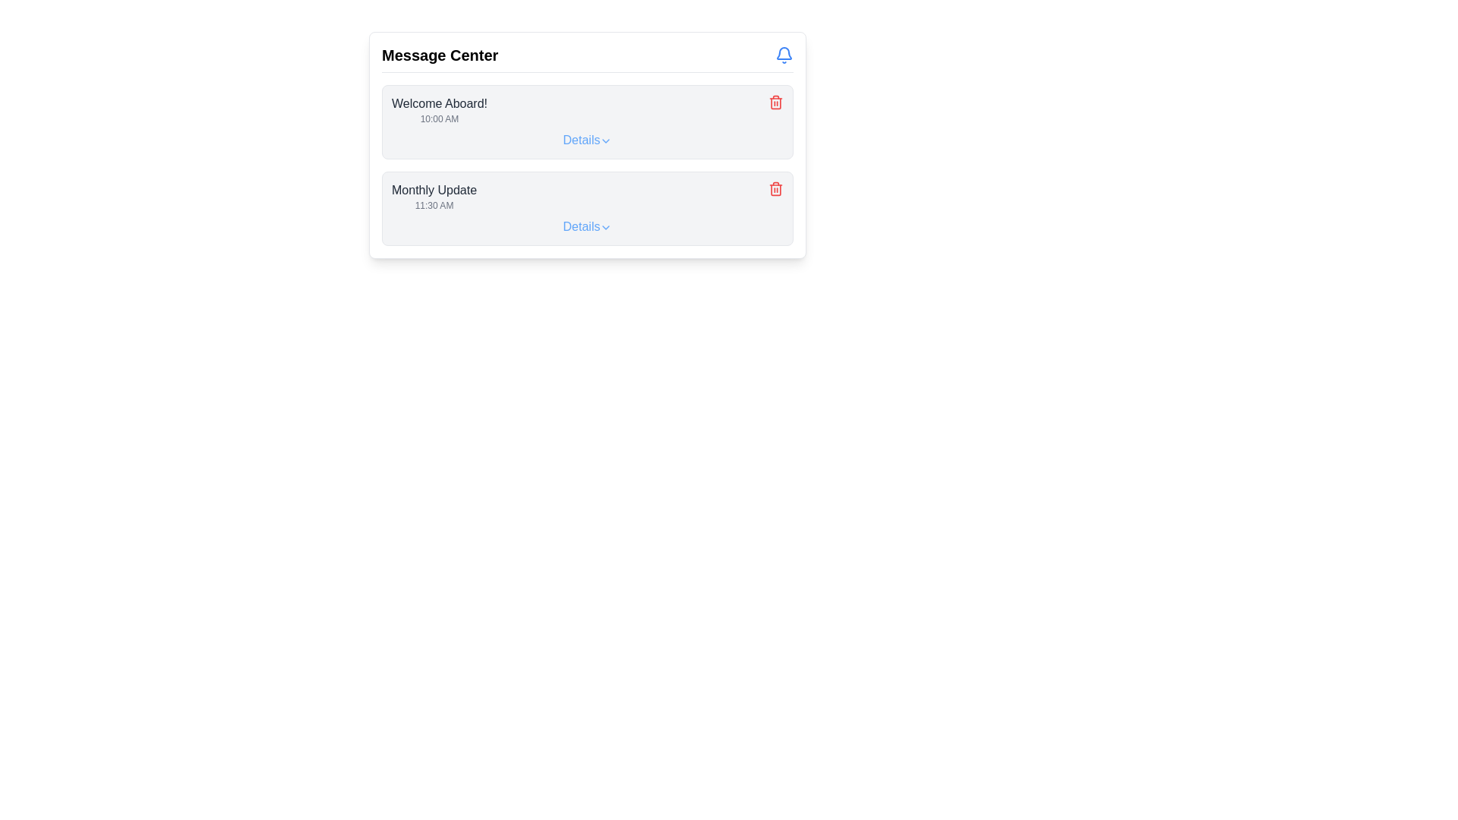  Describe the element at coordinates (586, 109) in the screenshot. I see `the 'Welcome Aboard!' card component located` at that location.